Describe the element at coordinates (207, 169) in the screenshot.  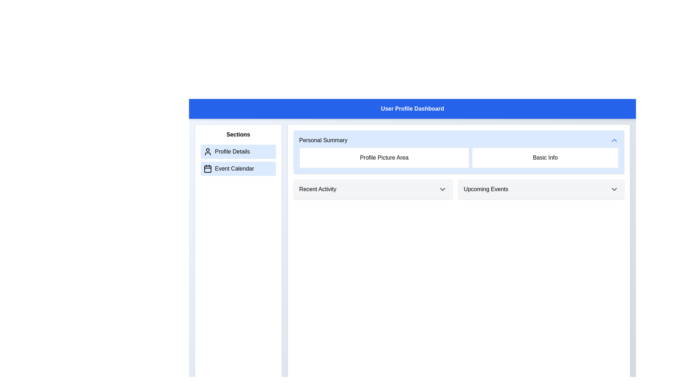
I see `the Calendar icon located in the sidebar menu under the 'Event Calendar' tab, which is represented as a rounded rectangular SVG component` at that location.